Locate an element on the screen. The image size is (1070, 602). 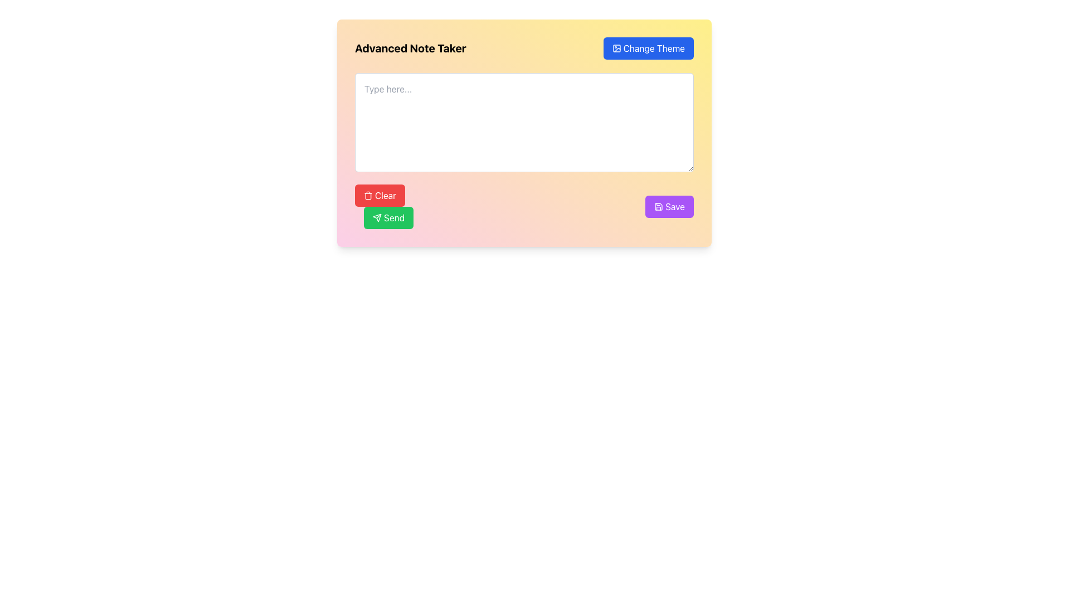
the clear button located below the text input field is located at coordinates (380, 195).